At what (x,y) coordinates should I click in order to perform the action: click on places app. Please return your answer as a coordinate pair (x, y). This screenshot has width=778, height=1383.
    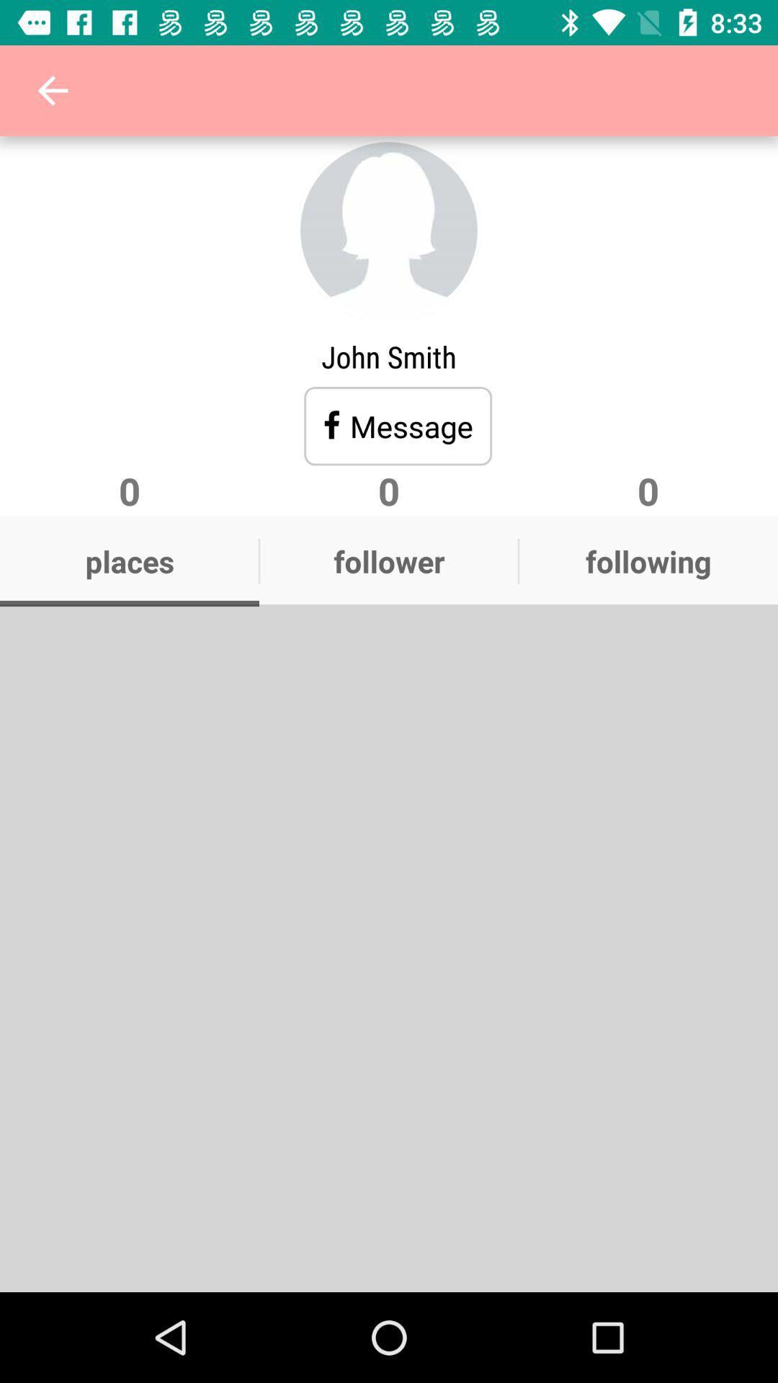
    Looking at the image, I should click on (130, 560).